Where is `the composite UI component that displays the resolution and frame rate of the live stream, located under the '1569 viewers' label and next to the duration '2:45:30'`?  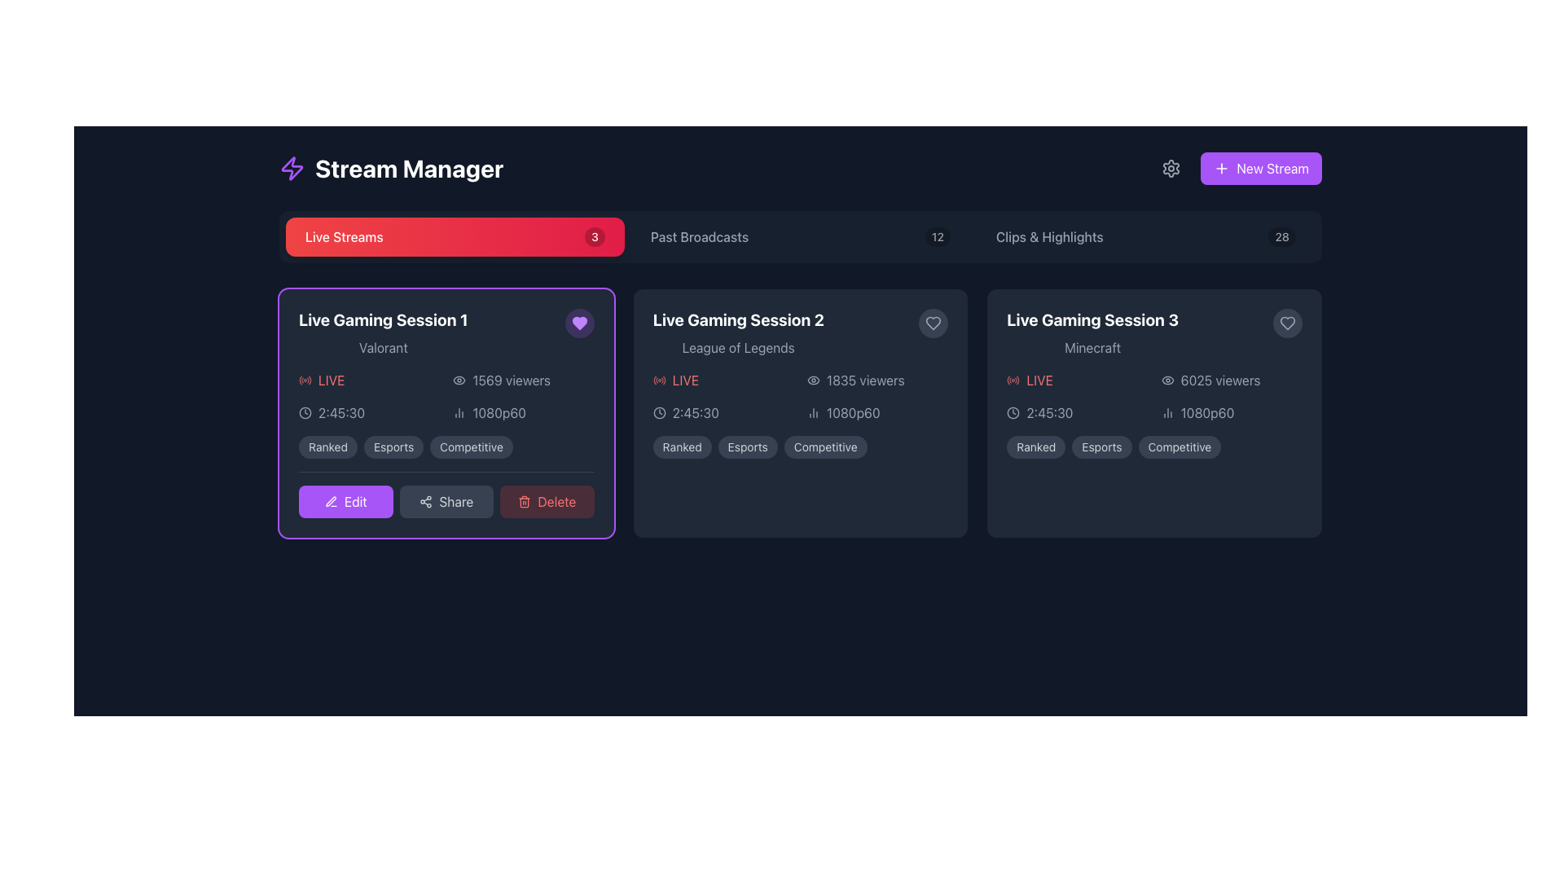 the composite UI component that displays the resolution and frame rate of the live stream, located under the '1569 viewers' label and next to the duration '2:45:30' is located at coordinates (524, 411).